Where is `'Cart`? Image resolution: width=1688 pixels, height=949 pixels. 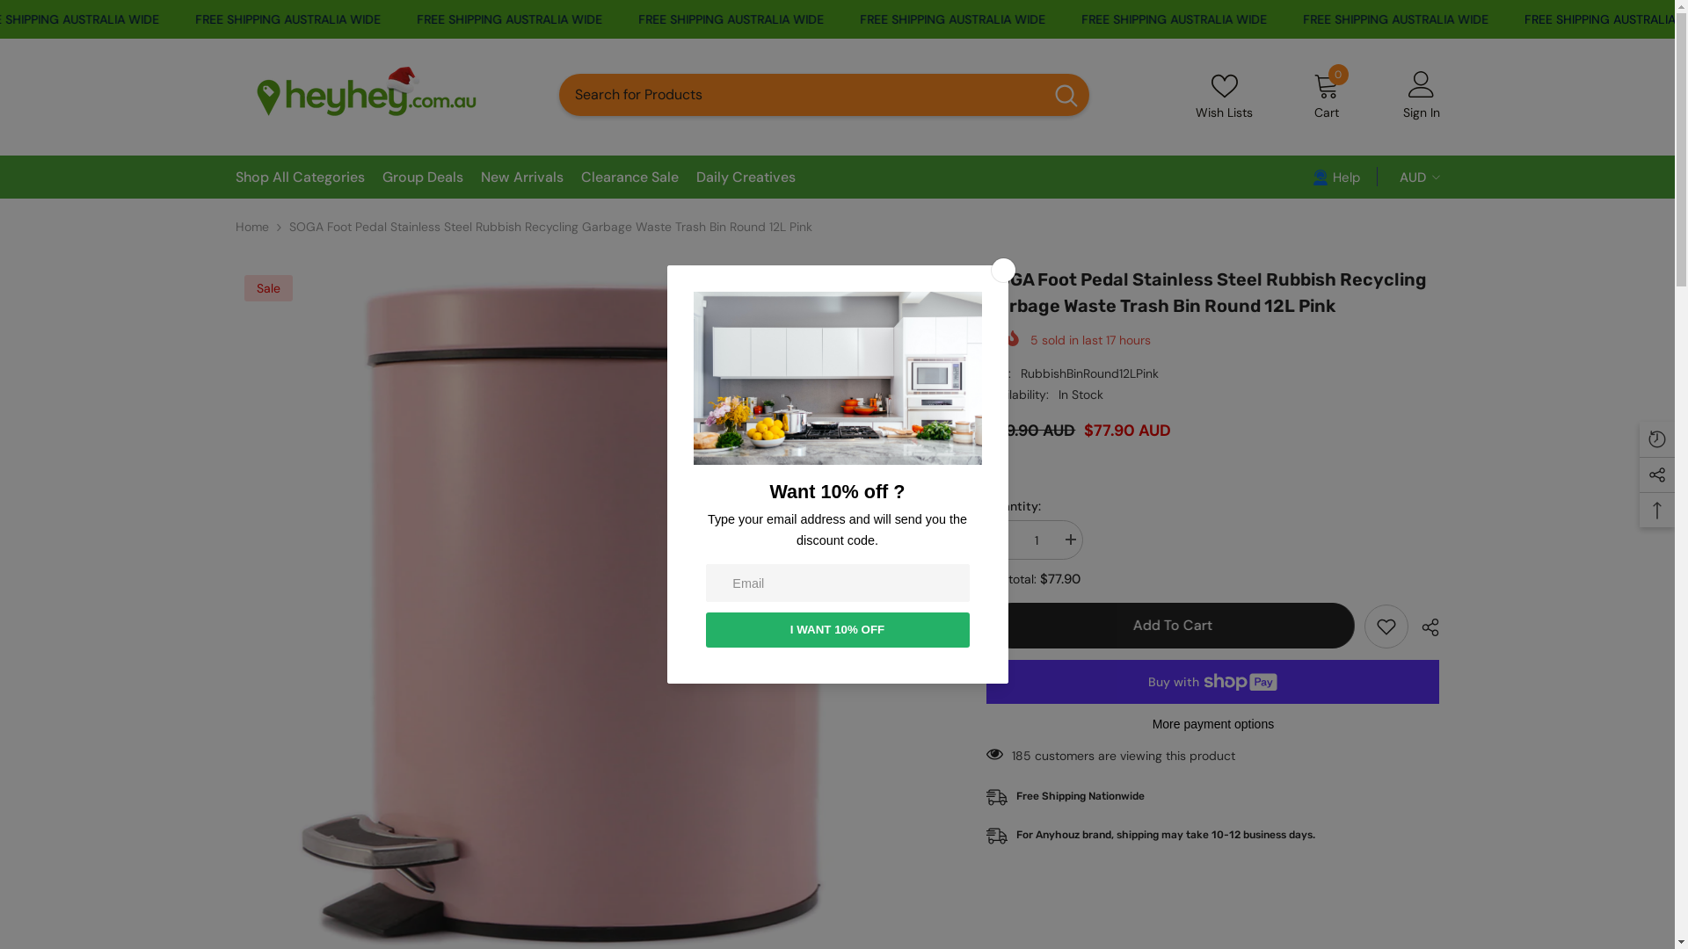 'Cart is located at coordinates (1326, 95).